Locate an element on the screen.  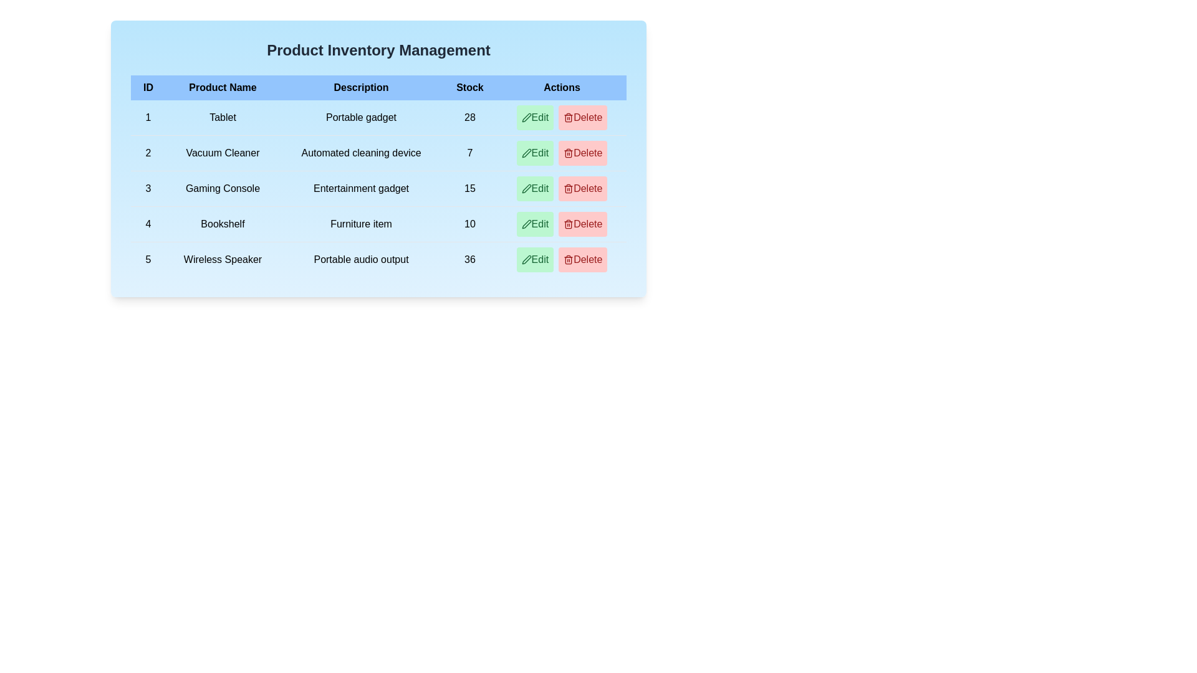
the leftmost button in the 'Actions' column of the row for the 'Bookshelf' item to initiate editing is located at coordinates (535, 223).